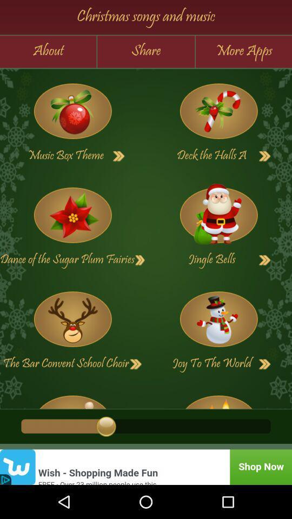 The height and width of the screenshot is (519, 292). What do you see at coordinates (140, 259) in the screenshot?
I see `song` at bounding box center [140, 259].